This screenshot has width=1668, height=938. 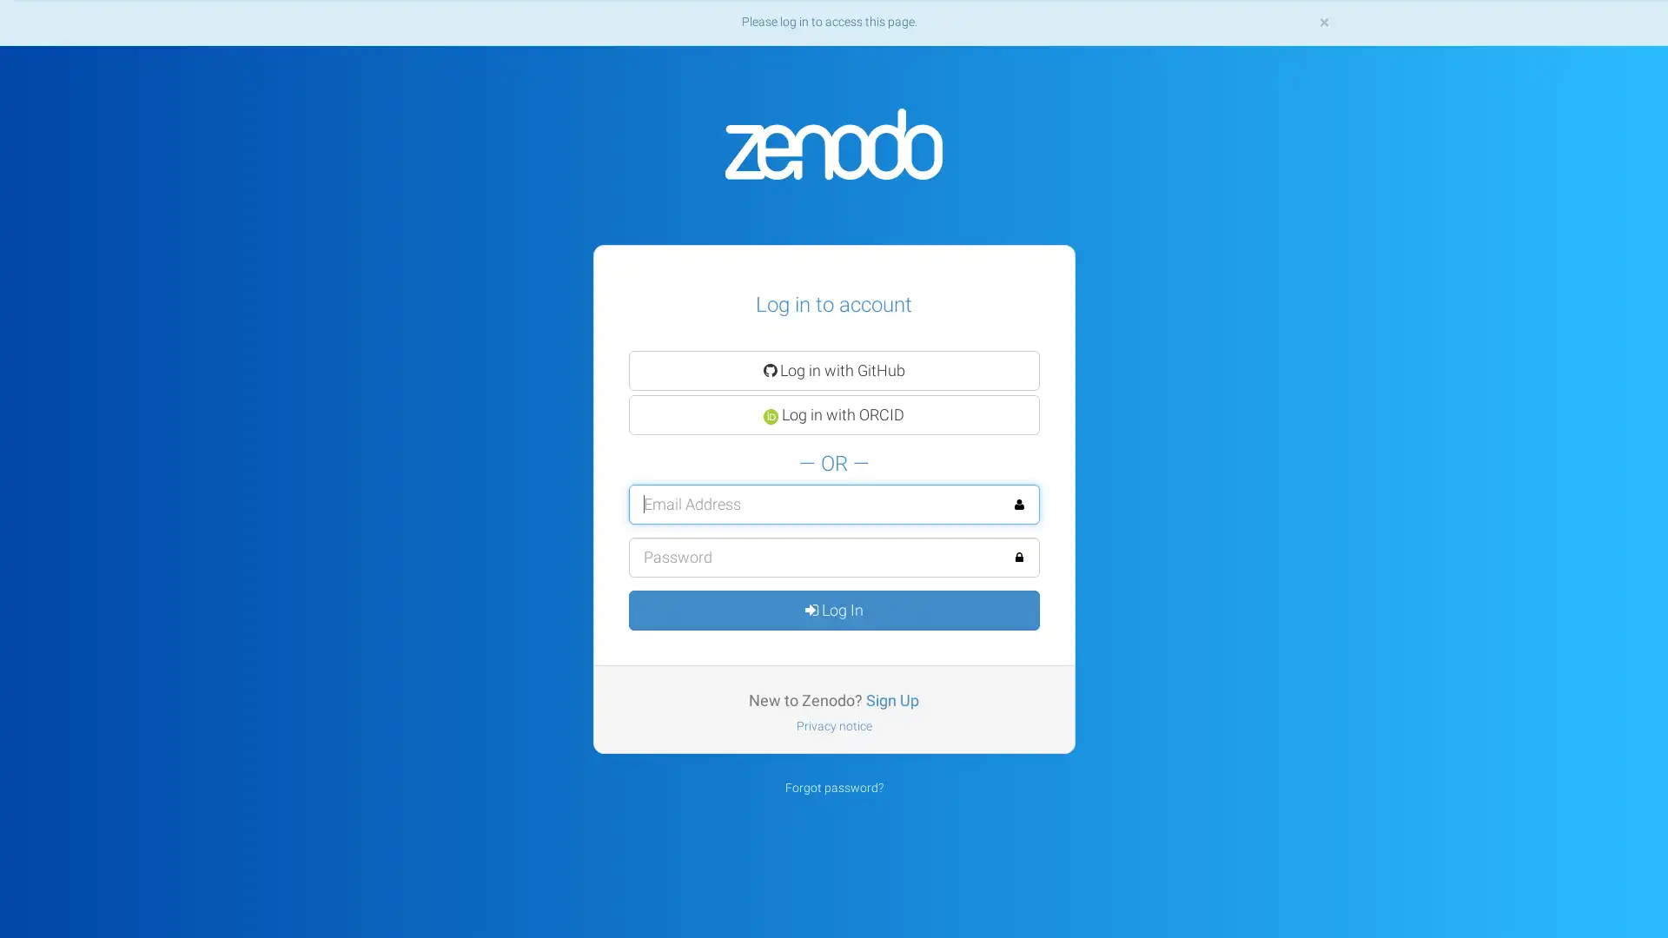 I want to click on Log In, so click(x=832, y=609).